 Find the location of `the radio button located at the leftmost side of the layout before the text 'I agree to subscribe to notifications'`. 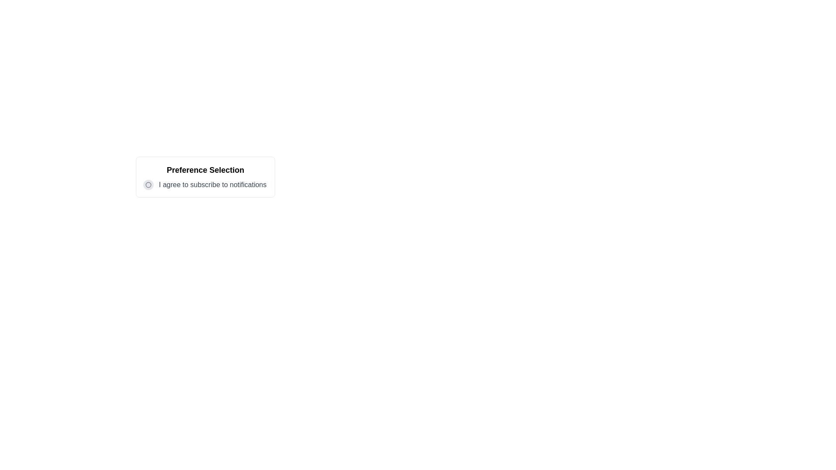

the radio button located at the leftmost side of the layout before the text 'I agree to subscribe to notifications' is located at coordinates (148, 184).